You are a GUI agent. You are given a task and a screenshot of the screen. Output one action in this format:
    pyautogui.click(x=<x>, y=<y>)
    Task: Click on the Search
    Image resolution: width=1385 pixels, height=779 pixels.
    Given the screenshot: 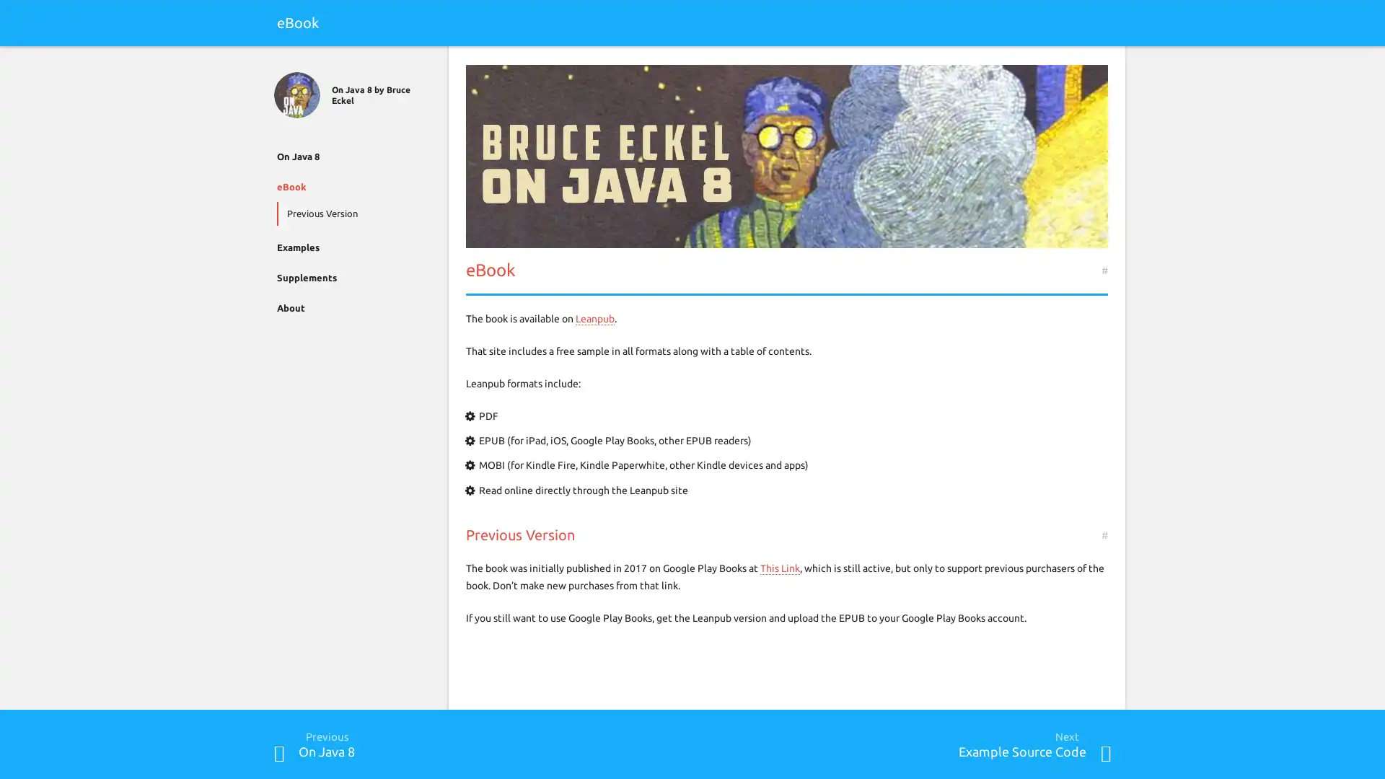 What is the action you would take?
    pyautogui.click(x=1104, y=63)
    